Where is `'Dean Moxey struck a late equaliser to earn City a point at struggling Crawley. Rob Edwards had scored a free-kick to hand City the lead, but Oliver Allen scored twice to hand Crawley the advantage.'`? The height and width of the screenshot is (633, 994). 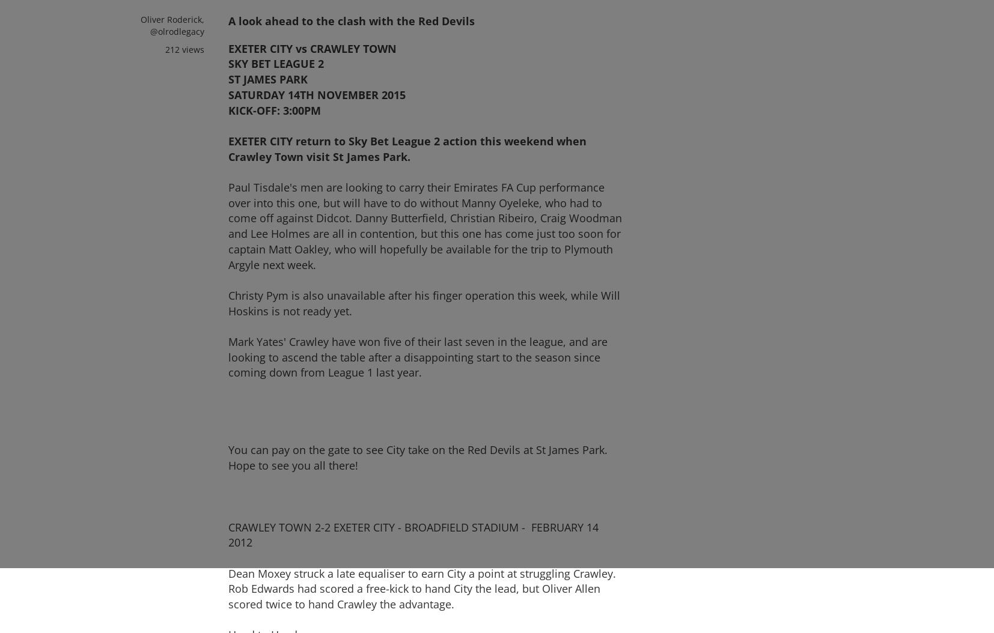 'Dean Moxey struck a late equaliser to earn City a point at struggling Crawley. Rob Edwards had scored a free-kick to hand City the lead, but Oliver Allen scored twice to hand Crawley the advantage.' is located at coordinates (422, 589).